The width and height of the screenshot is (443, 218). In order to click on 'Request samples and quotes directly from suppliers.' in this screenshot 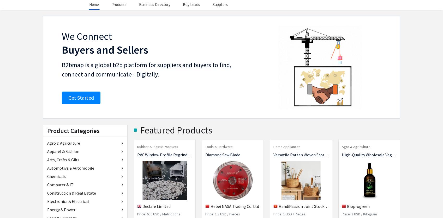, I will do `click(289, 65)`.